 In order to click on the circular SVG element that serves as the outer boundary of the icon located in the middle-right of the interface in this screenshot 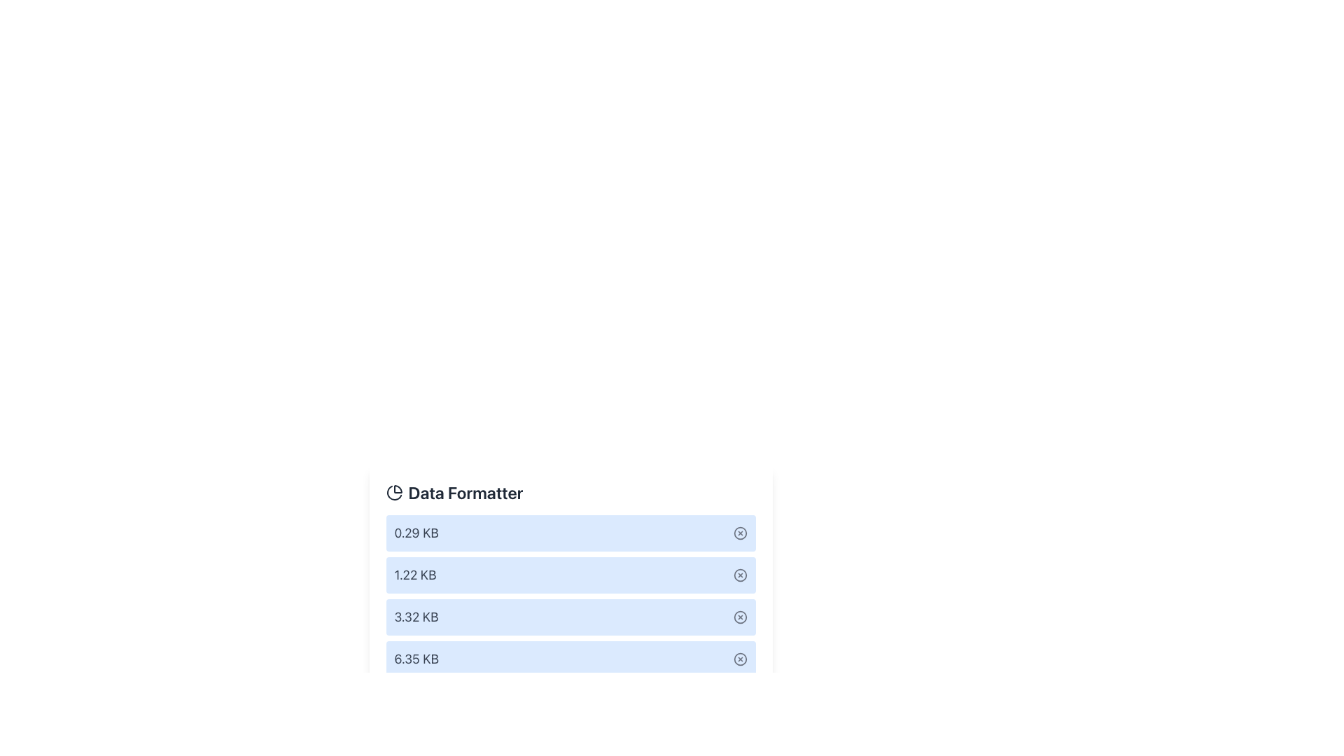, I will do `click(739, 617)`.